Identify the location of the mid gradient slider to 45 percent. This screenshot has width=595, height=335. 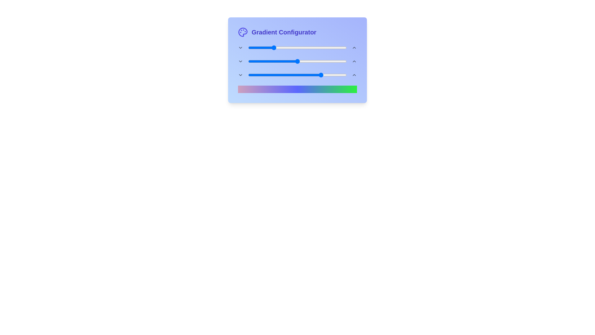
(292, 61).